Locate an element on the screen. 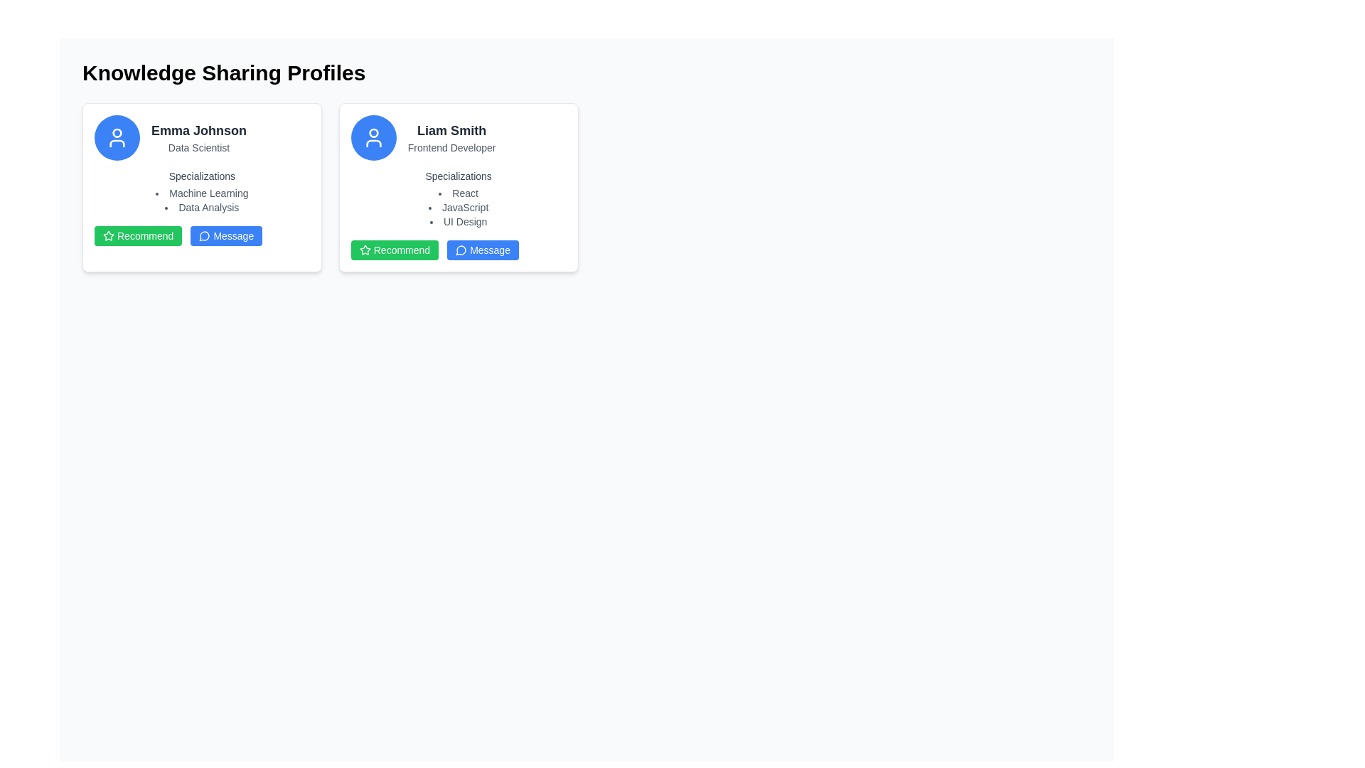 This screenshot has height=768, width=1365. the speech bubble icon within the 'Message' button, located in the profile card of 'Emma Johnson' is located at coordinates (204, 235).